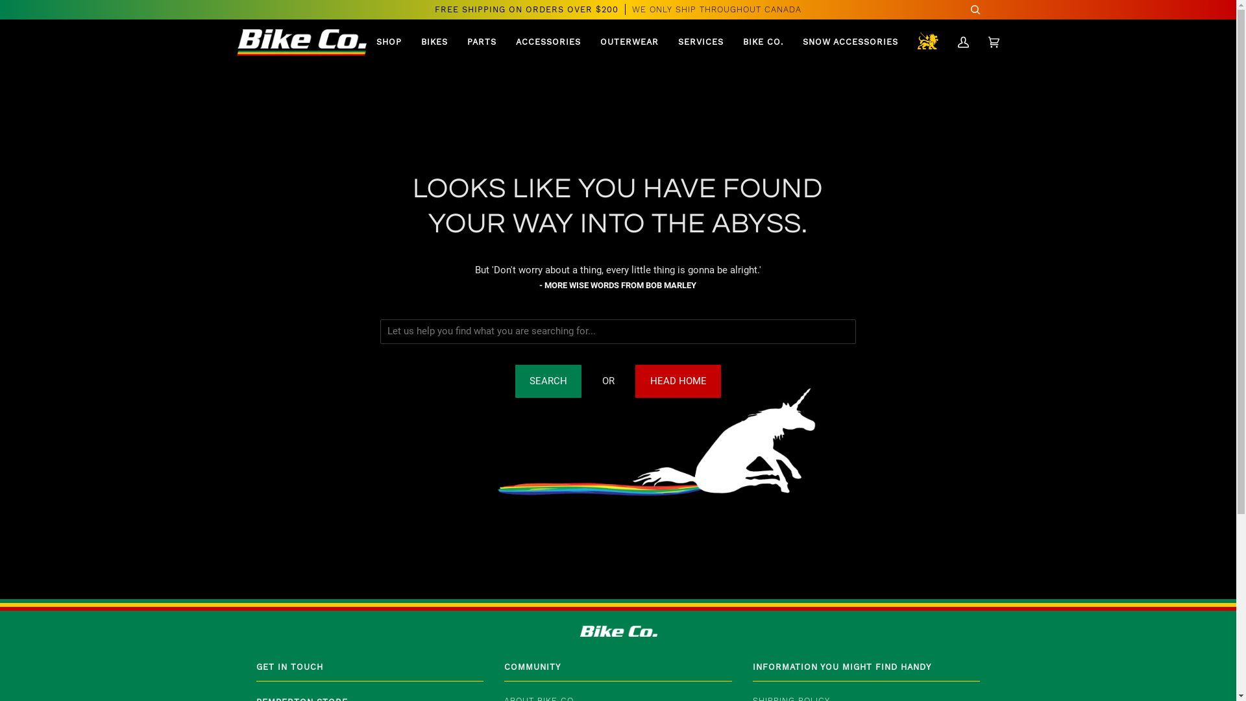  Describe the element at coordinates (763, 42) in the screenshot. I see `'BIKE CO.'` at that location.